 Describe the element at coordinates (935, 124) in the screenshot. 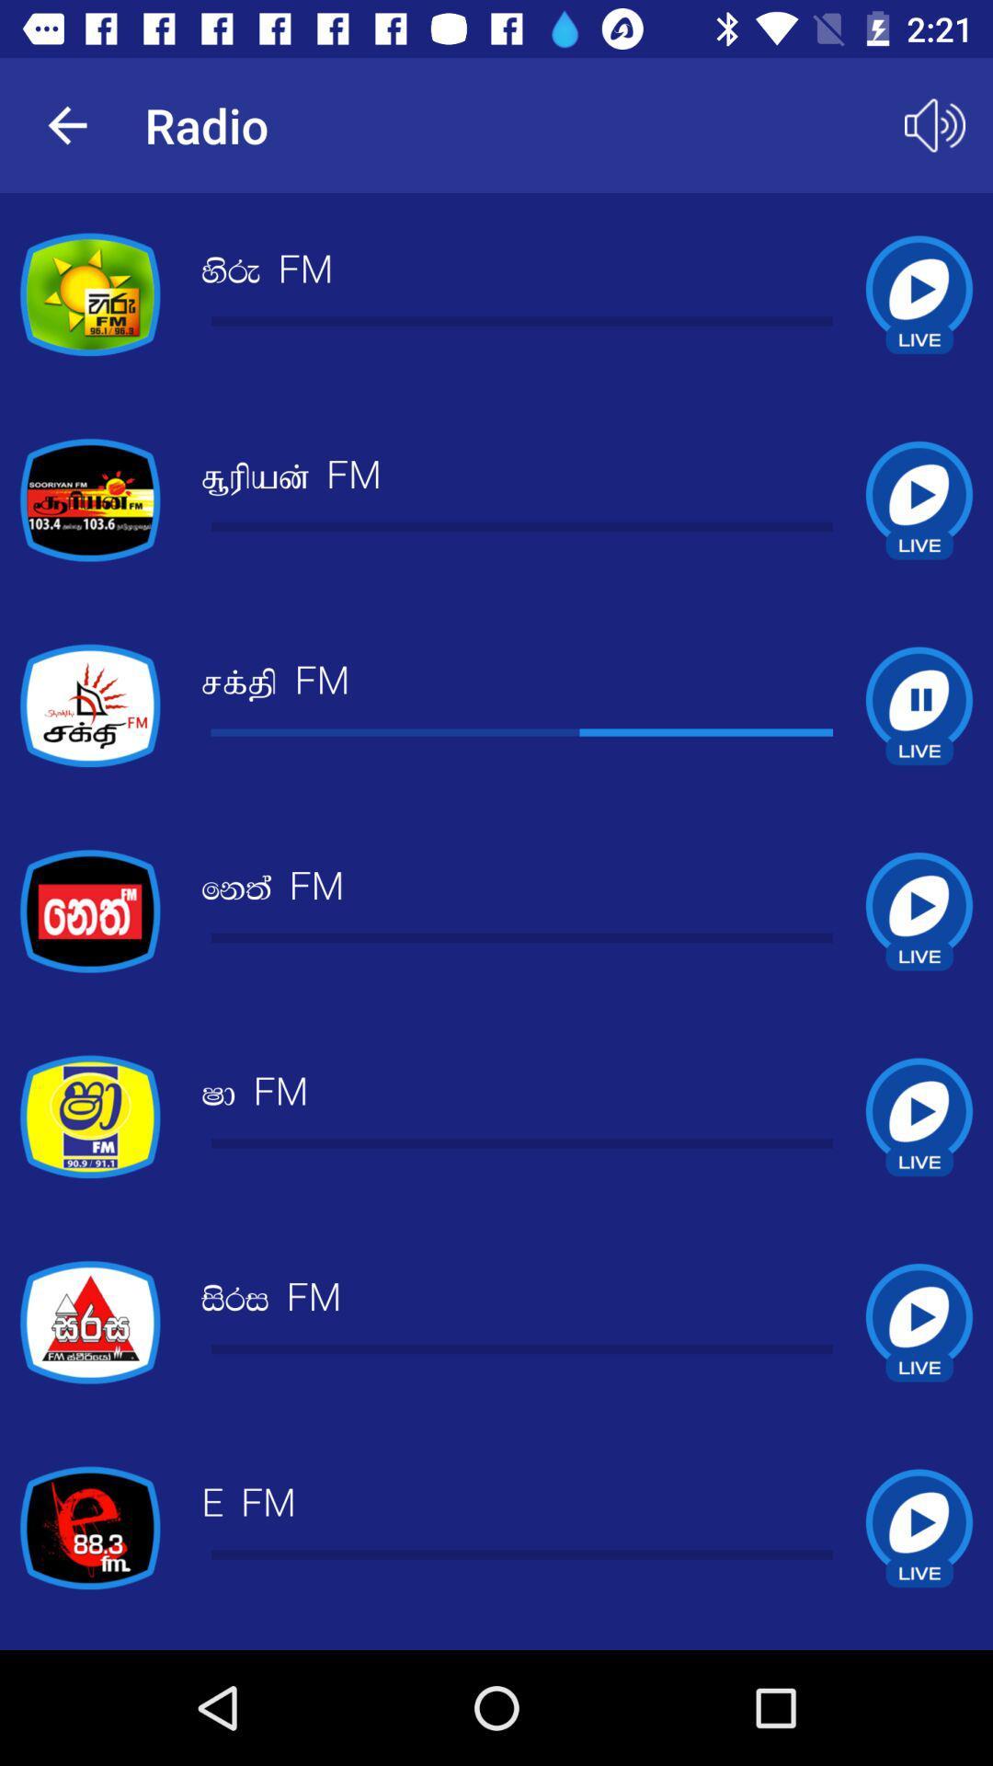

I see `item to the right of radio icon` at that location.